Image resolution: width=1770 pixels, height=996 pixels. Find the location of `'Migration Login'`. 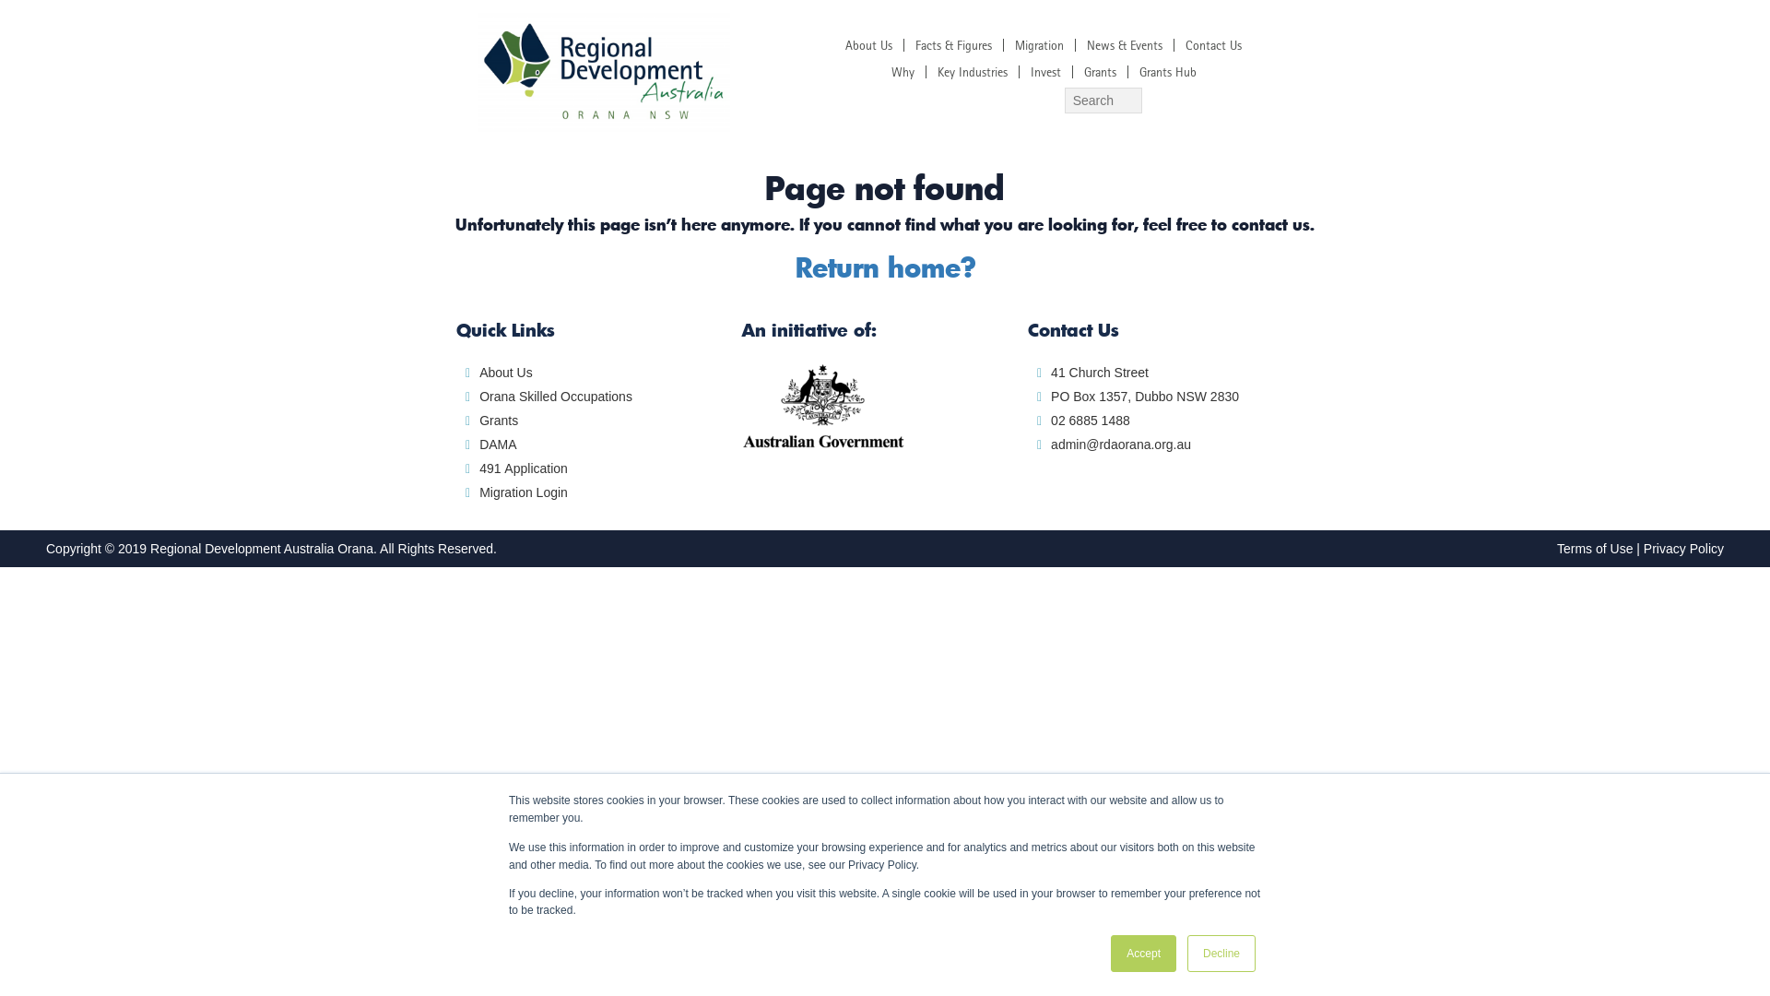

'Migration Login' is located at coordinates (522, 491).